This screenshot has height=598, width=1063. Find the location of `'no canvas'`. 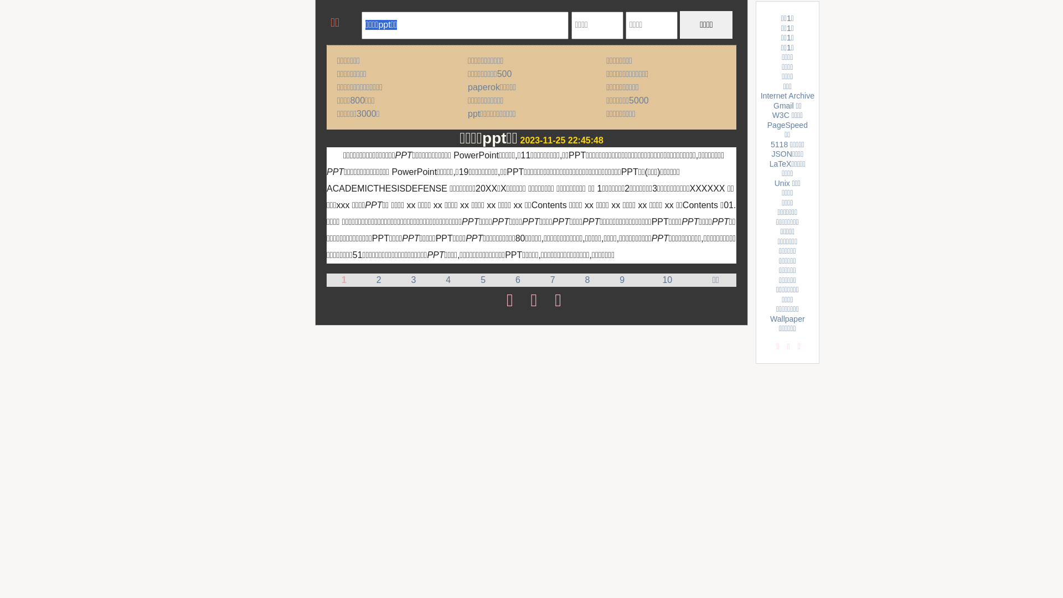

'no canvas' is located at coordinates (329, 24).